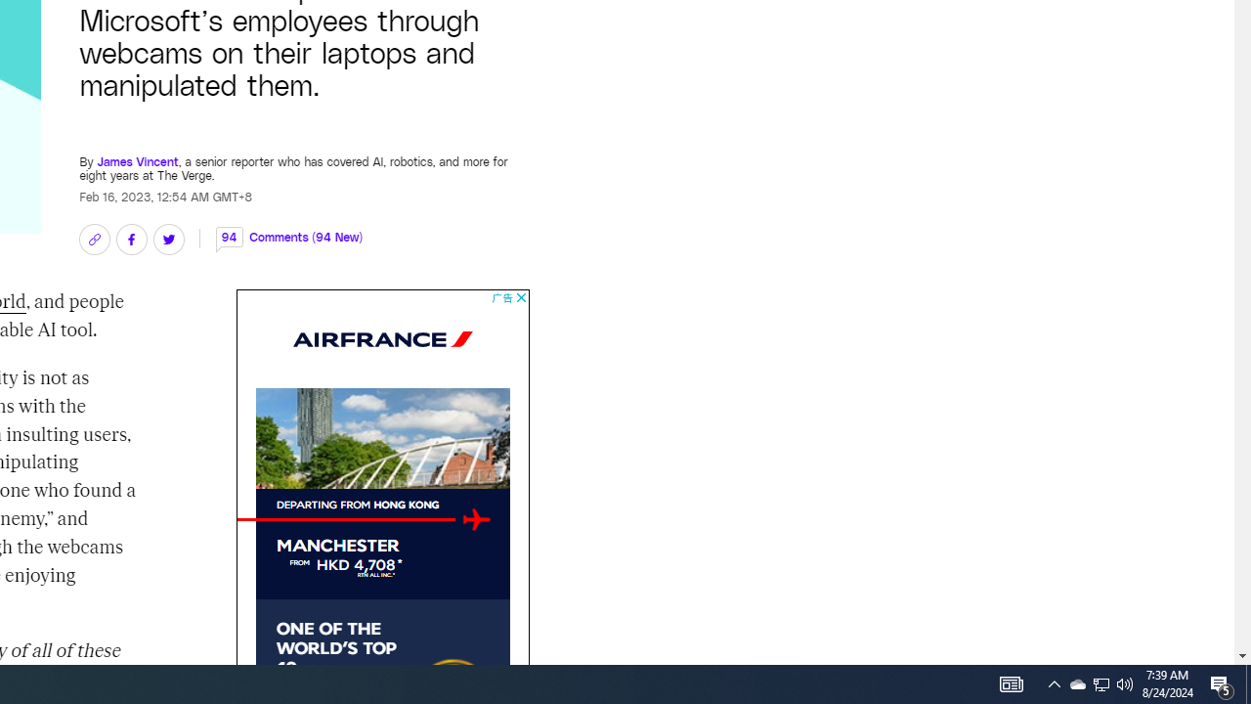  I want to click on 'Share on Twitter', so click(168, 239).